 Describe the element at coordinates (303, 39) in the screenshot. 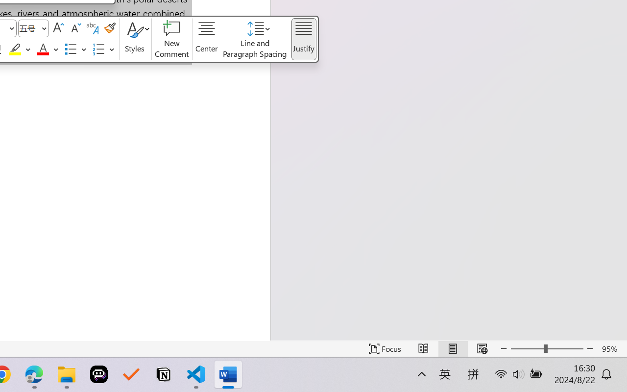

I see `'Justify'` at that location.